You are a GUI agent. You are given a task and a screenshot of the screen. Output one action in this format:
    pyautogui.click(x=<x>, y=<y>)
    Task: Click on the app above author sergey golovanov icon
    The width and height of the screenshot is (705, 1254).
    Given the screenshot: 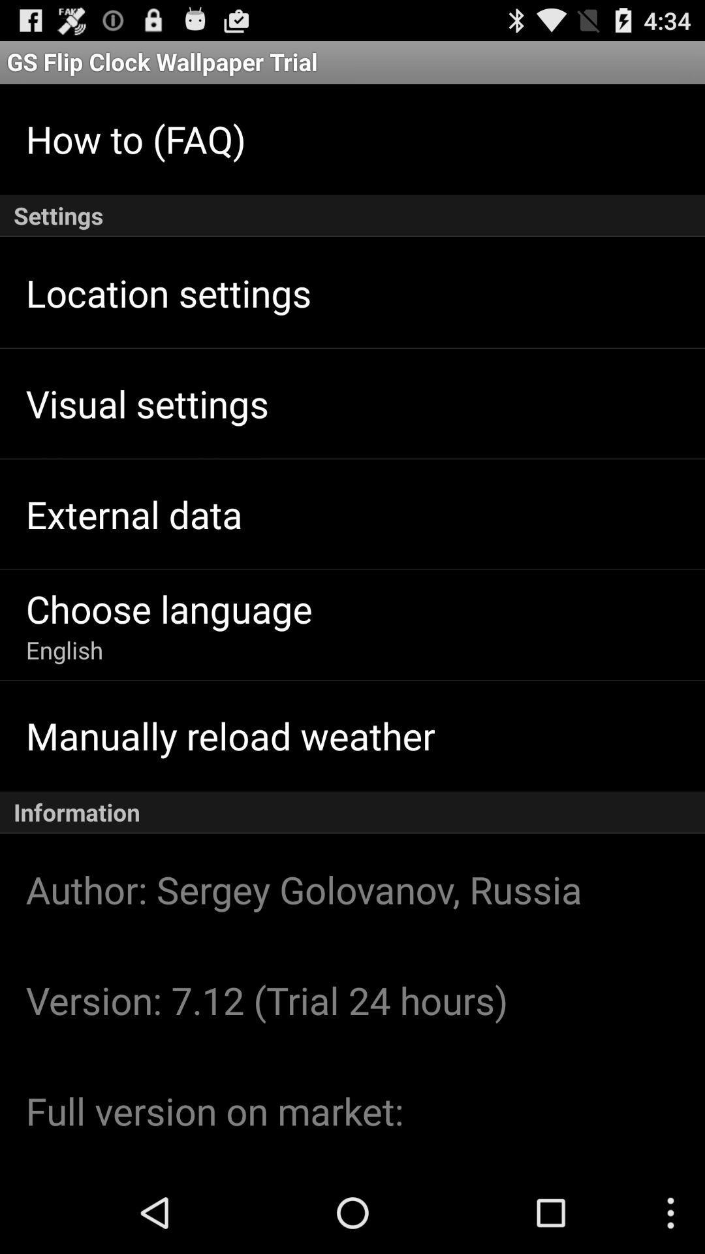 What is the action you would take?
    pyautogui.click(x=352, y=812)
    